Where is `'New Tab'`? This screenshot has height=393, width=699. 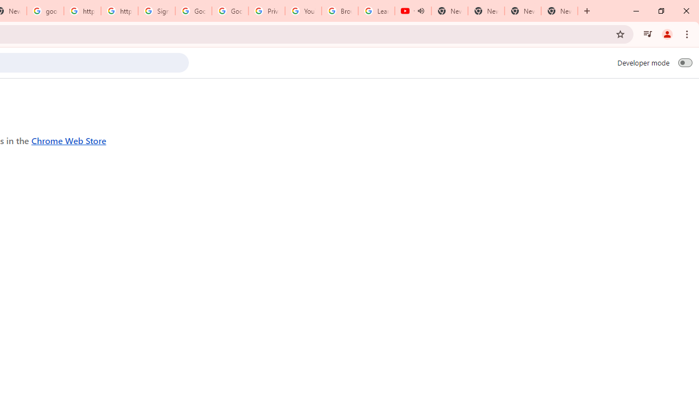 'New Tab' is located at coordinates (559, 11).